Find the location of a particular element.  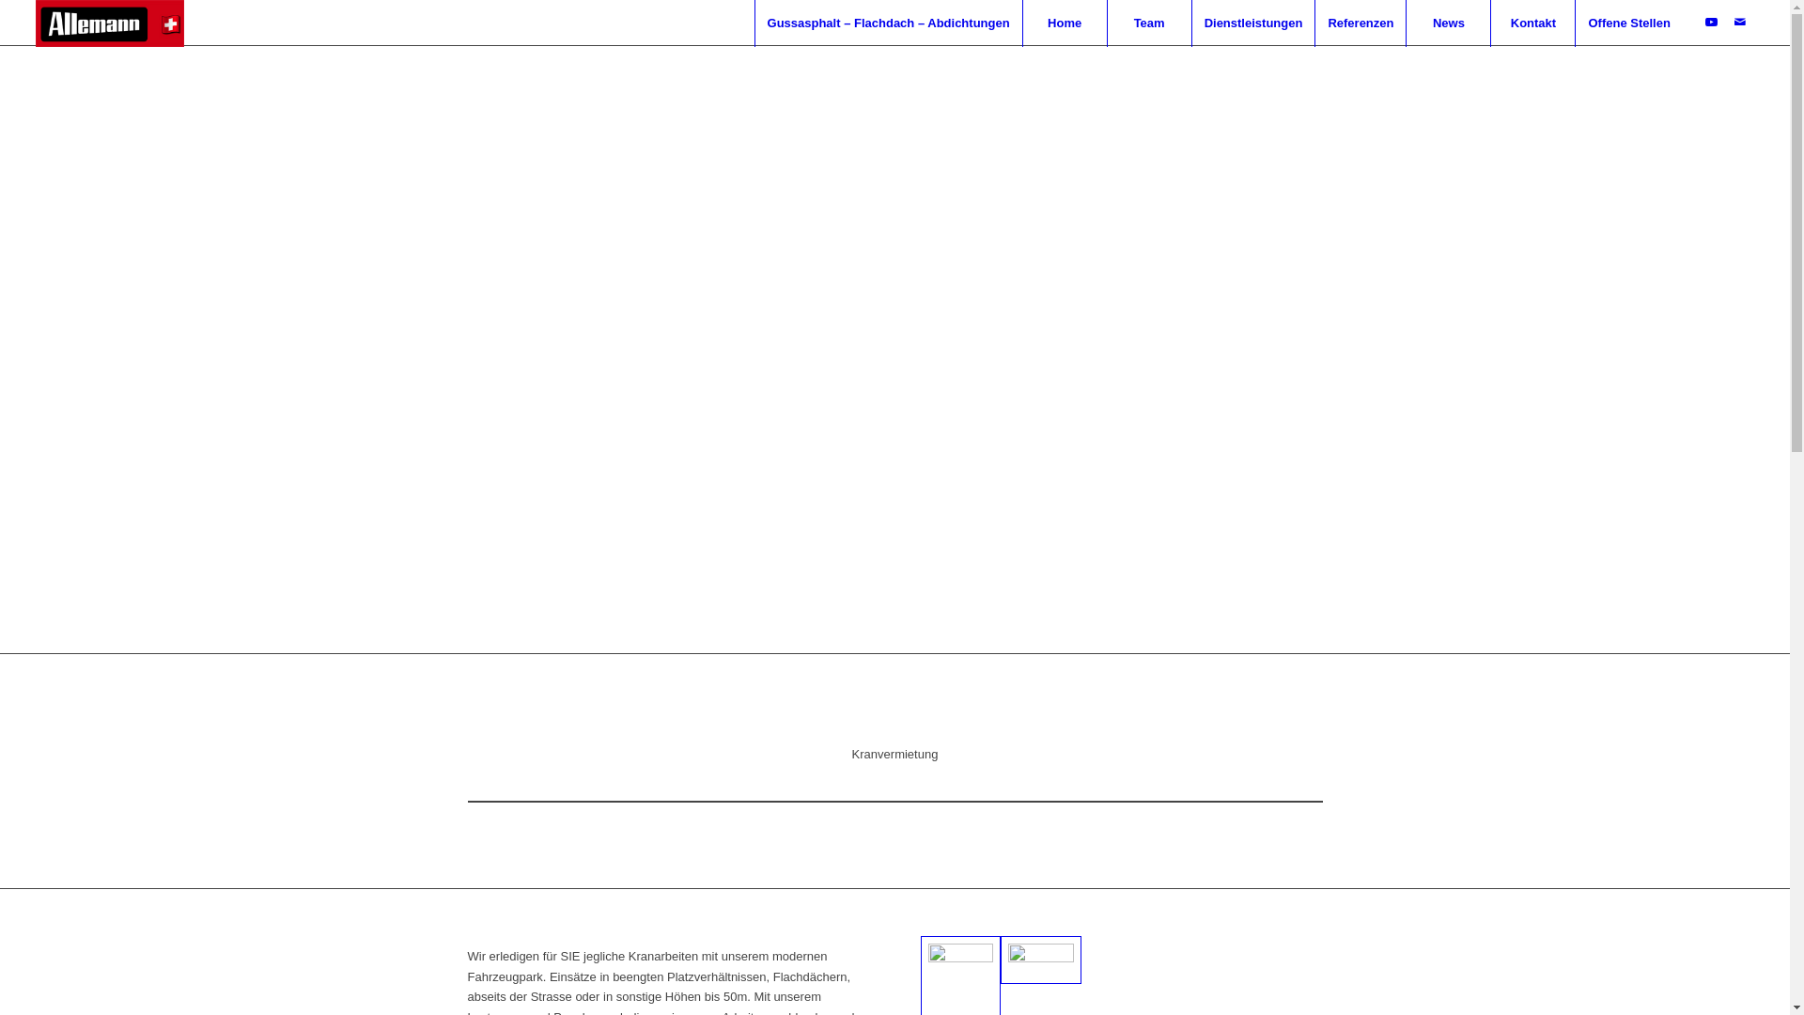

'Referenzen' is located at coordinates (1360, 23).